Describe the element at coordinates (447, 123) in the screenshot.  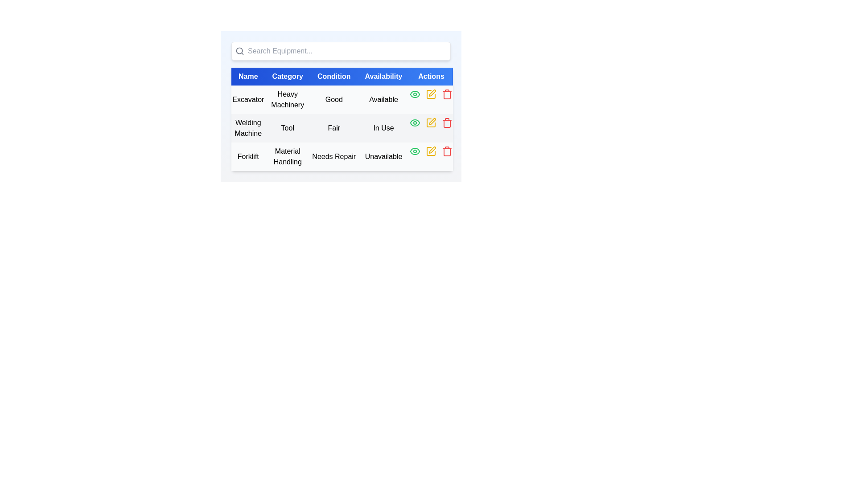
I see `the red trash bin icon representing the delete action in the 'Actions' column of the second row for the 'Welding Machine' entry` at that location.